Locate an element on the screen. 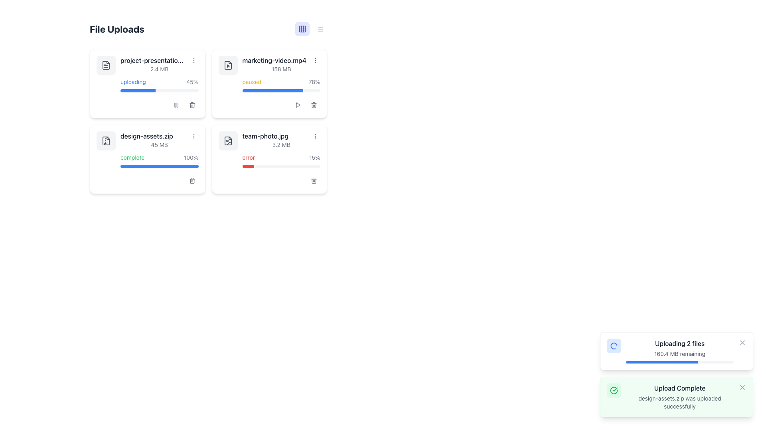 The image size is (766, 430). the text label indicating the completion status of the upload or processing task for 'design-assets.zip' is located at coordinates (132, 158).